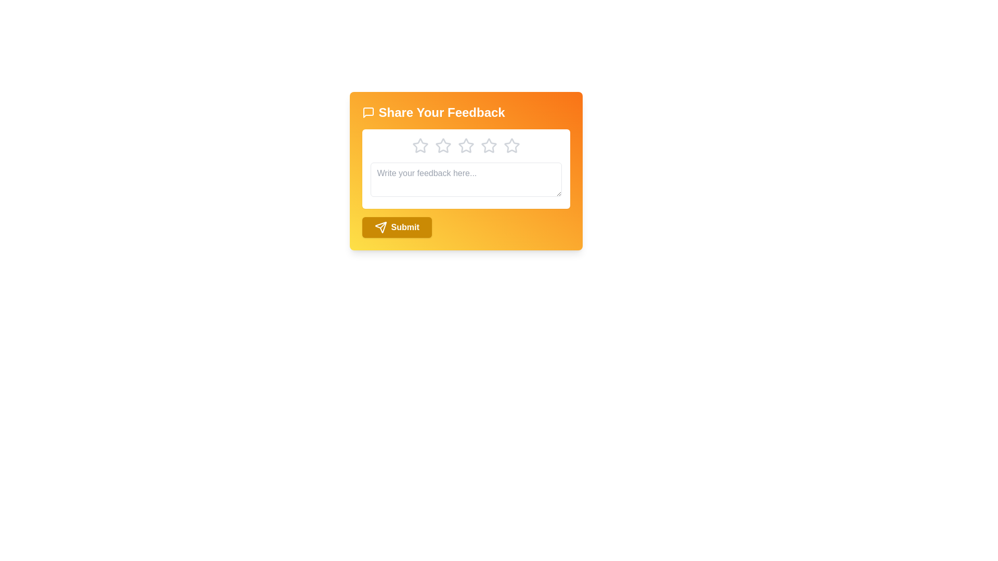  Describe the element at coordinates (380, 227) in the screenshot. I see `the 'Submit' button which contains the icon on the left side, located at the center bottom of the feedback form` at that location.